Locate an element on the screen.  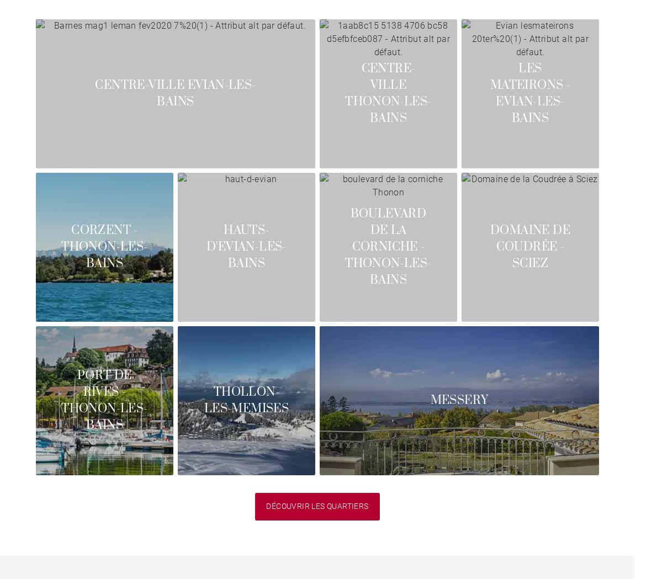
'Boulevard de la Corniche - Thonon-les-Bains' is located at coordinates (388, 247).